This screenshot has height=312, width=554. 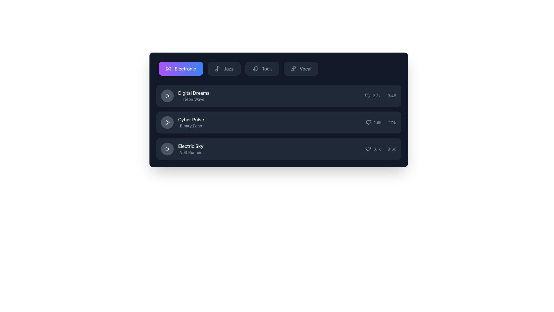 What do you see at coordinates (377, 149) in the screenshot?
I see `numeric value '3.1k' displayed next to the heart icon in the bottom-right corner of the 'Electric Sky' card by 'Volt Runner'` at bounding box center [377, 149].